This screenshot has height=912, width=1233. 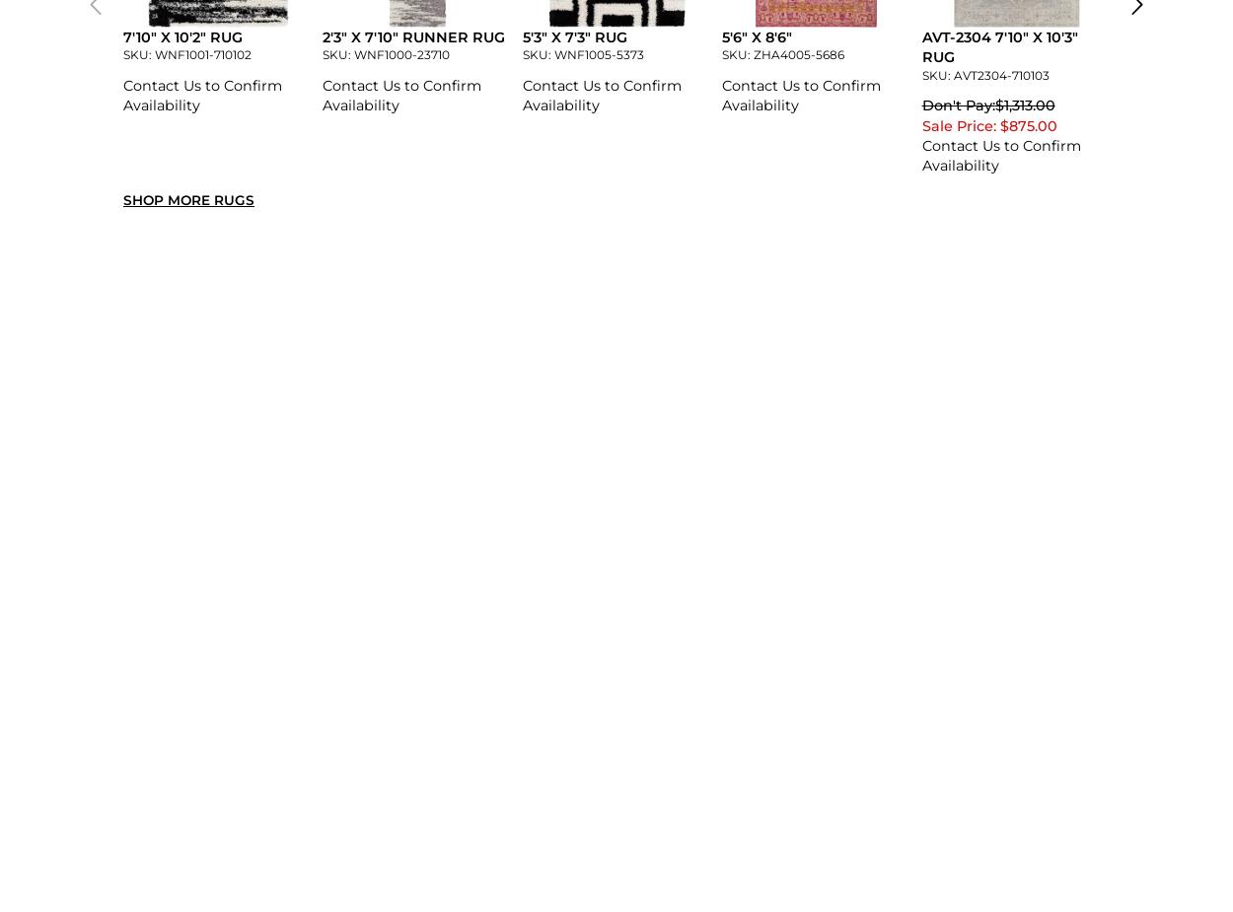 I want to click on 'SKU: ZHA4005-5686', so click(x=783, y=53).